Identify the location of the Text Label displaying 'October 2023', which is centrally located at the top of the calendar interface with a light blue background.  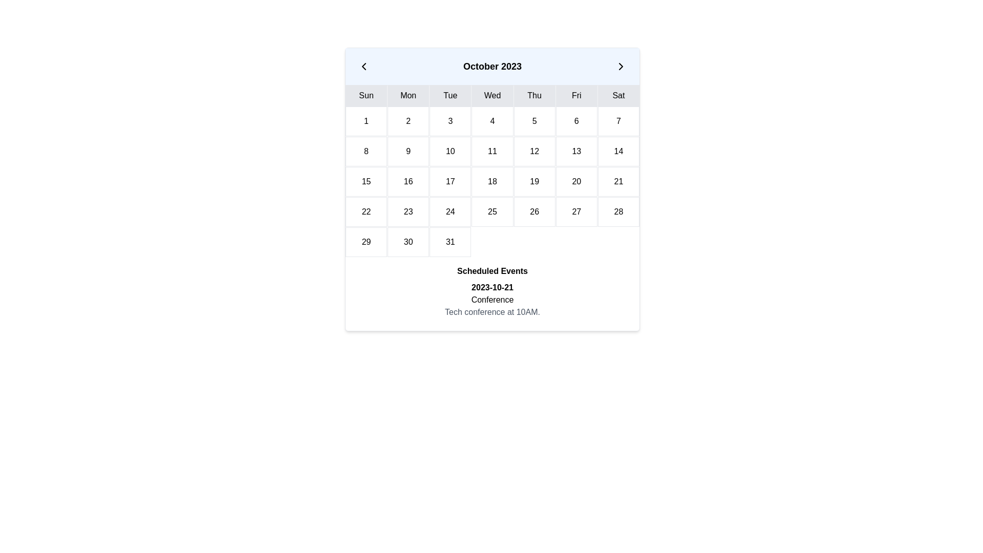
(492, 67).